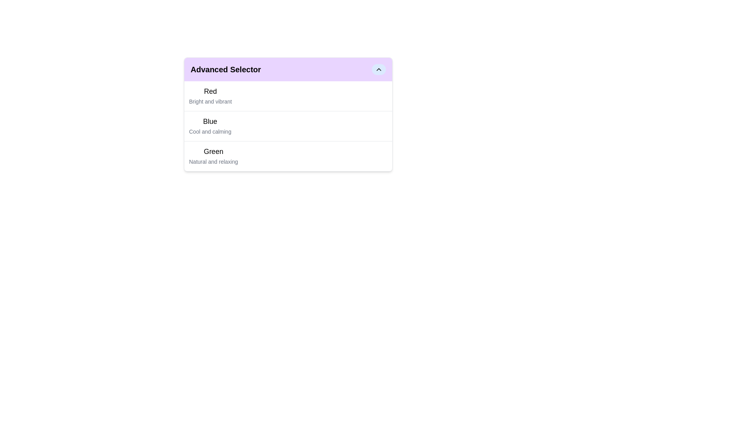  Describe the element at coordinates (210, 122) in the screenshot. I see `the 'Blue' text label in the second row of the 'Advanced Selector' dropdown` at that location.